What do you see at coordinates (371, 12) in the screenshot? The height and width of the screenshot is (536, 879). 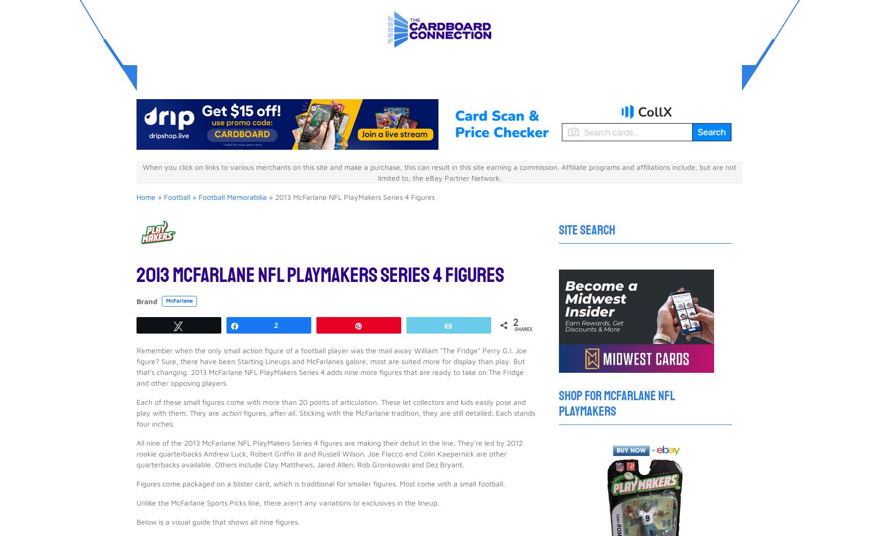 I see `'Basketball'` at bounding box center [371, 12].